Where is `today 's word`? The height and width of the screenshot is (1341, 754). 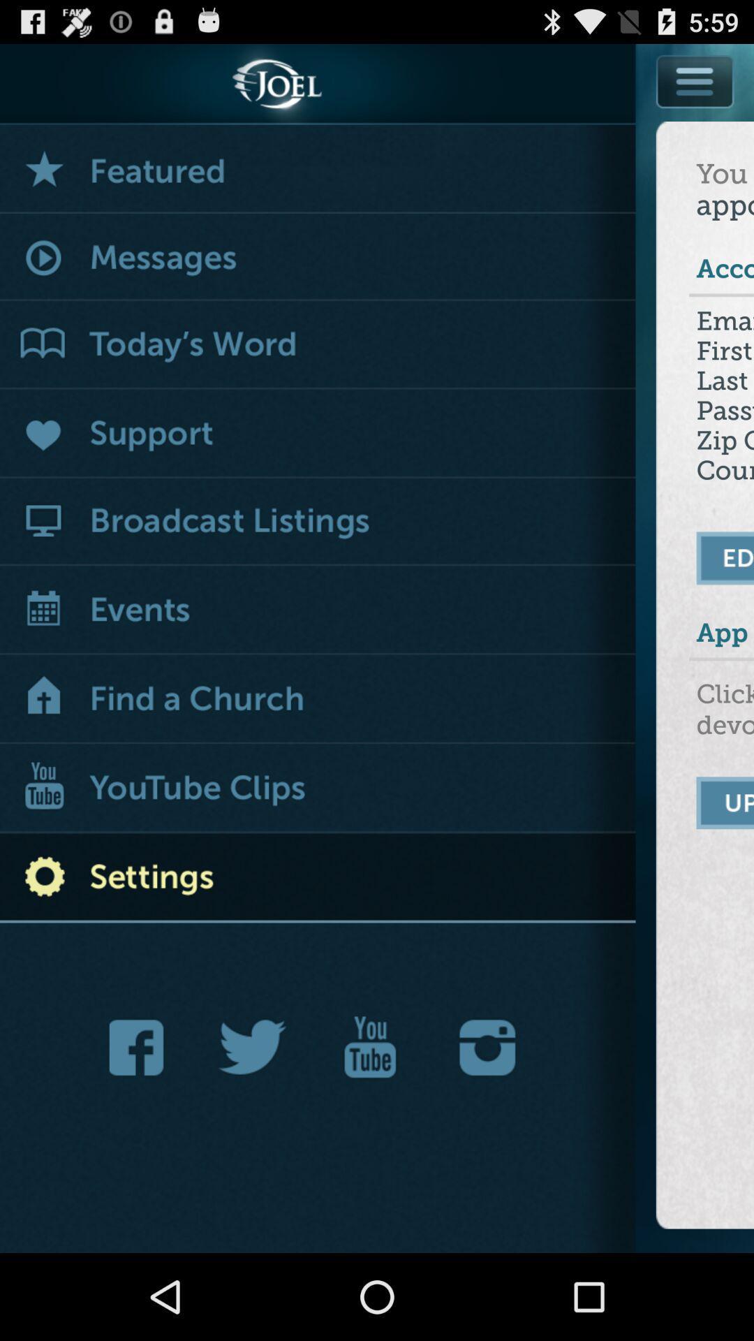 today 's word is located at coordinates (318, 345).